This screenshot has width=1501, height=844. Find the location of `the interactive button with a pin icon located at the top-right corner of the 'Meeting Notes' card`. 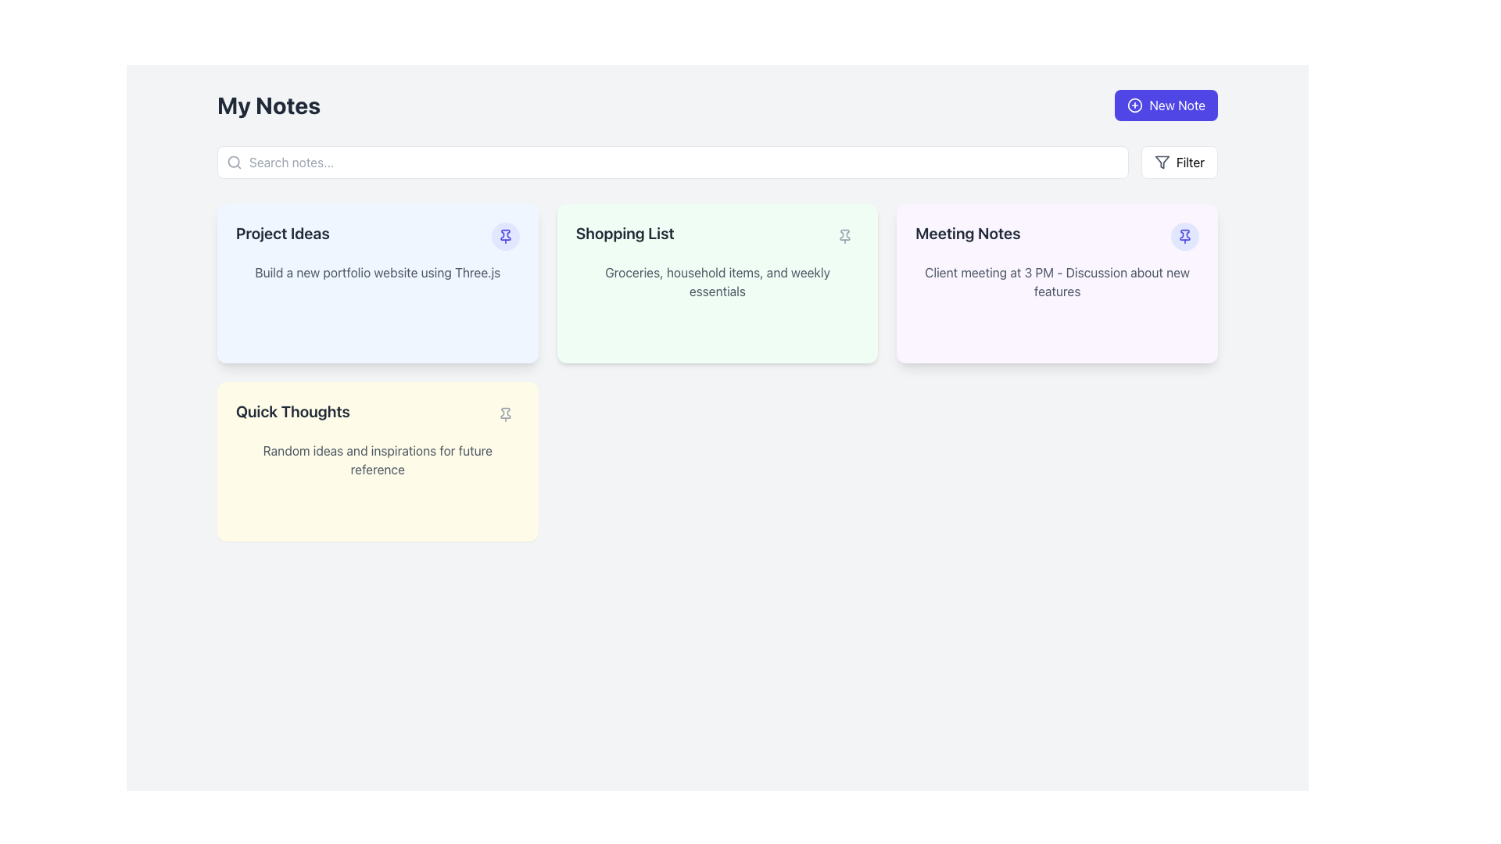

the interactive button with a pin icon located at the top-right corner of the 'Meeting Notes' card is located at coordinates (1185, 237).